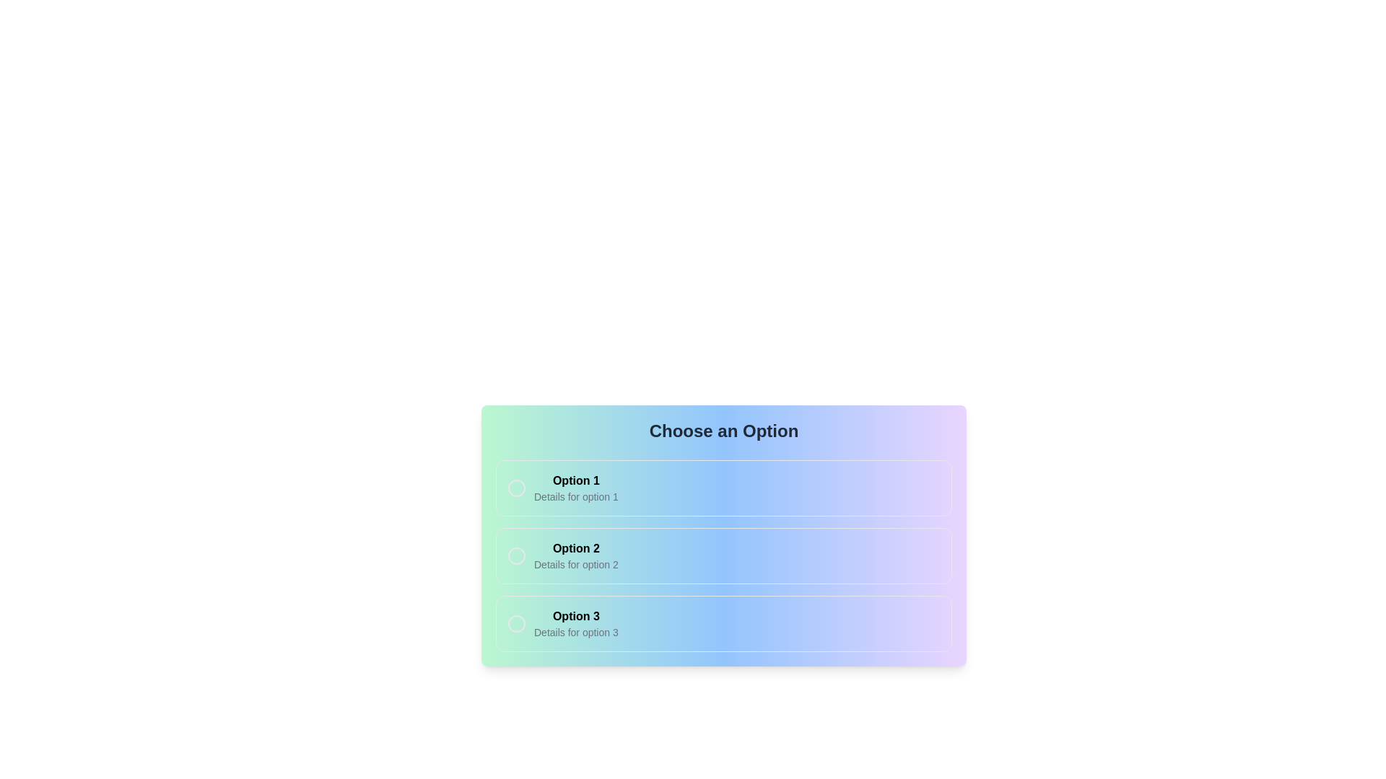 This screenshot has height=779, width=1386. I want to click on the circular radio button located in the 'Option 3' group, so click(516, 622).